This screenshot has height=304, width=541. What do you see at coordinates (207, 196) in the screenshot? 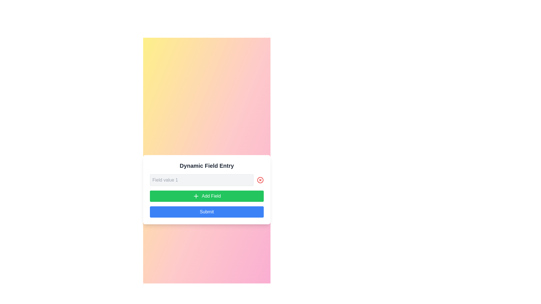
I see `the dynamic add button located just beneath the 'Field value 1' text field` at bounding box center [207, 196].